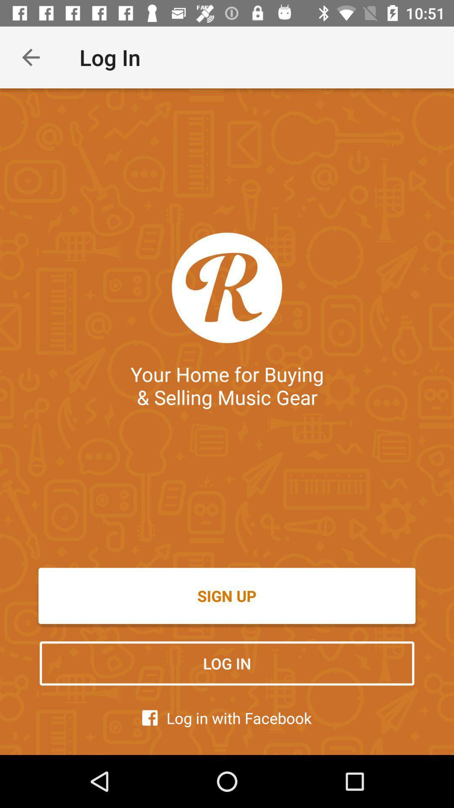 The height and width of the screenshot is (808, 454). Describe the element at coordinates (30, 57) in the screenshot. I see `item to the left of the log in item` at that location.